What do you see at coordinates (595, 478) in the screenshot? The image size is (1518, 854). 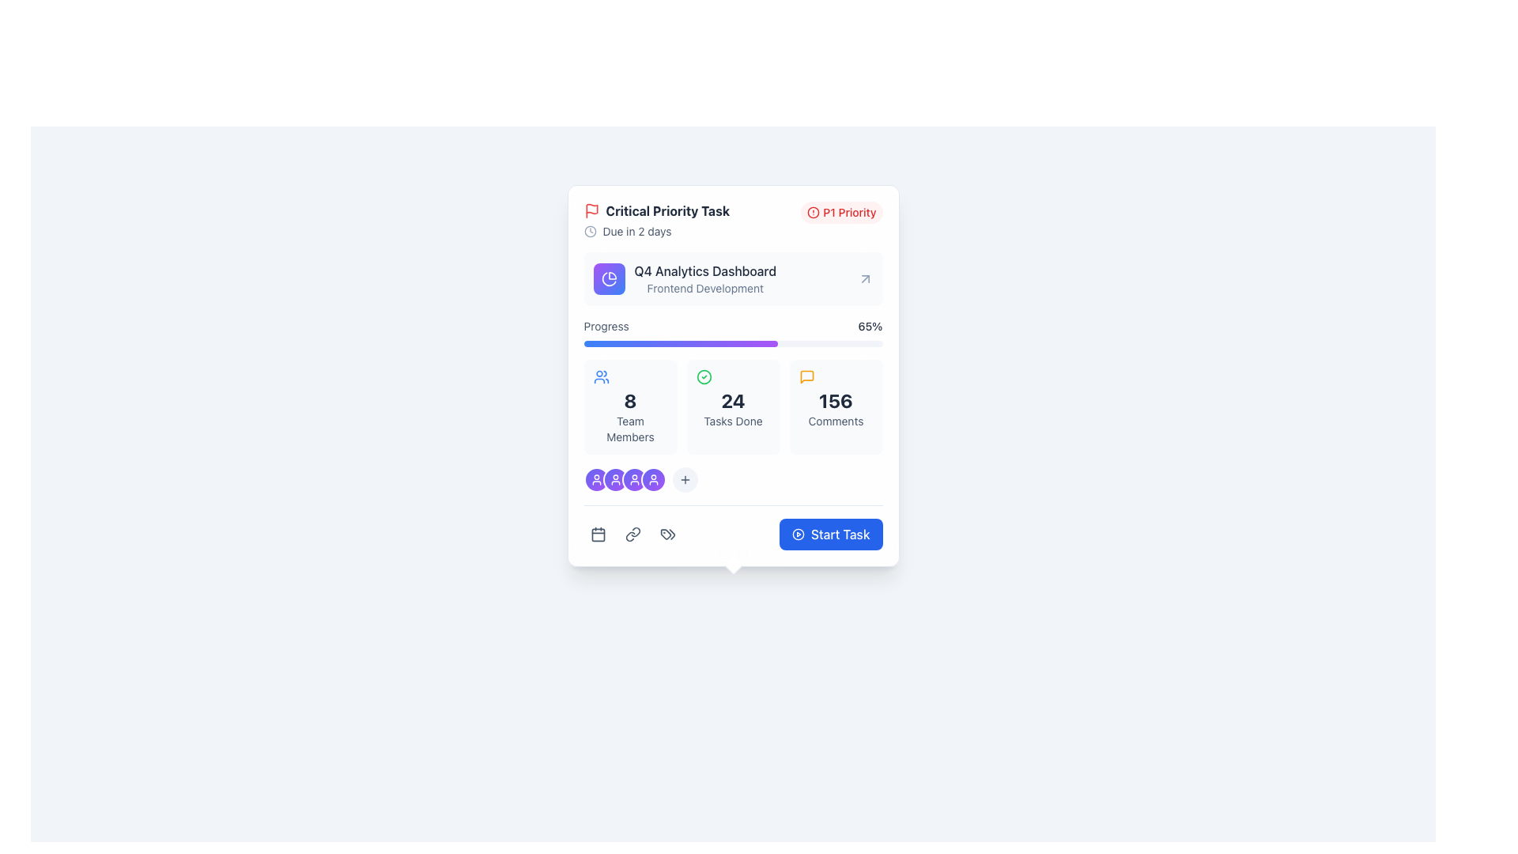 I see `the first circular Avatar or user icon located at the bottom of the task card interface, which represents a team member or role` at bounding box center [595, 478].